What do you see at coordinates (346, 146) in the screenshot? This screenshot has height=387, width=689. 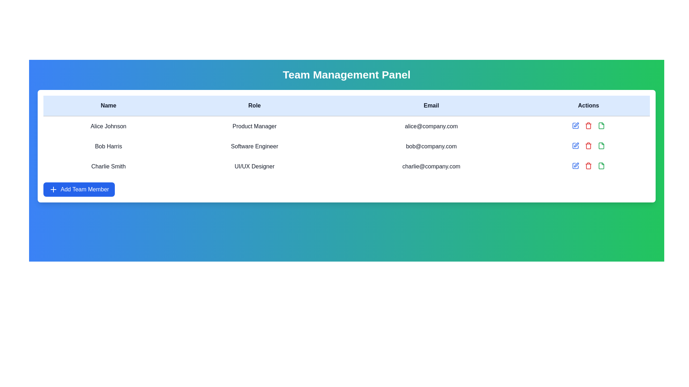 I see `the contents of the second table row in the Team Management Panel to copy the user information` at bounding box center [346, 146].